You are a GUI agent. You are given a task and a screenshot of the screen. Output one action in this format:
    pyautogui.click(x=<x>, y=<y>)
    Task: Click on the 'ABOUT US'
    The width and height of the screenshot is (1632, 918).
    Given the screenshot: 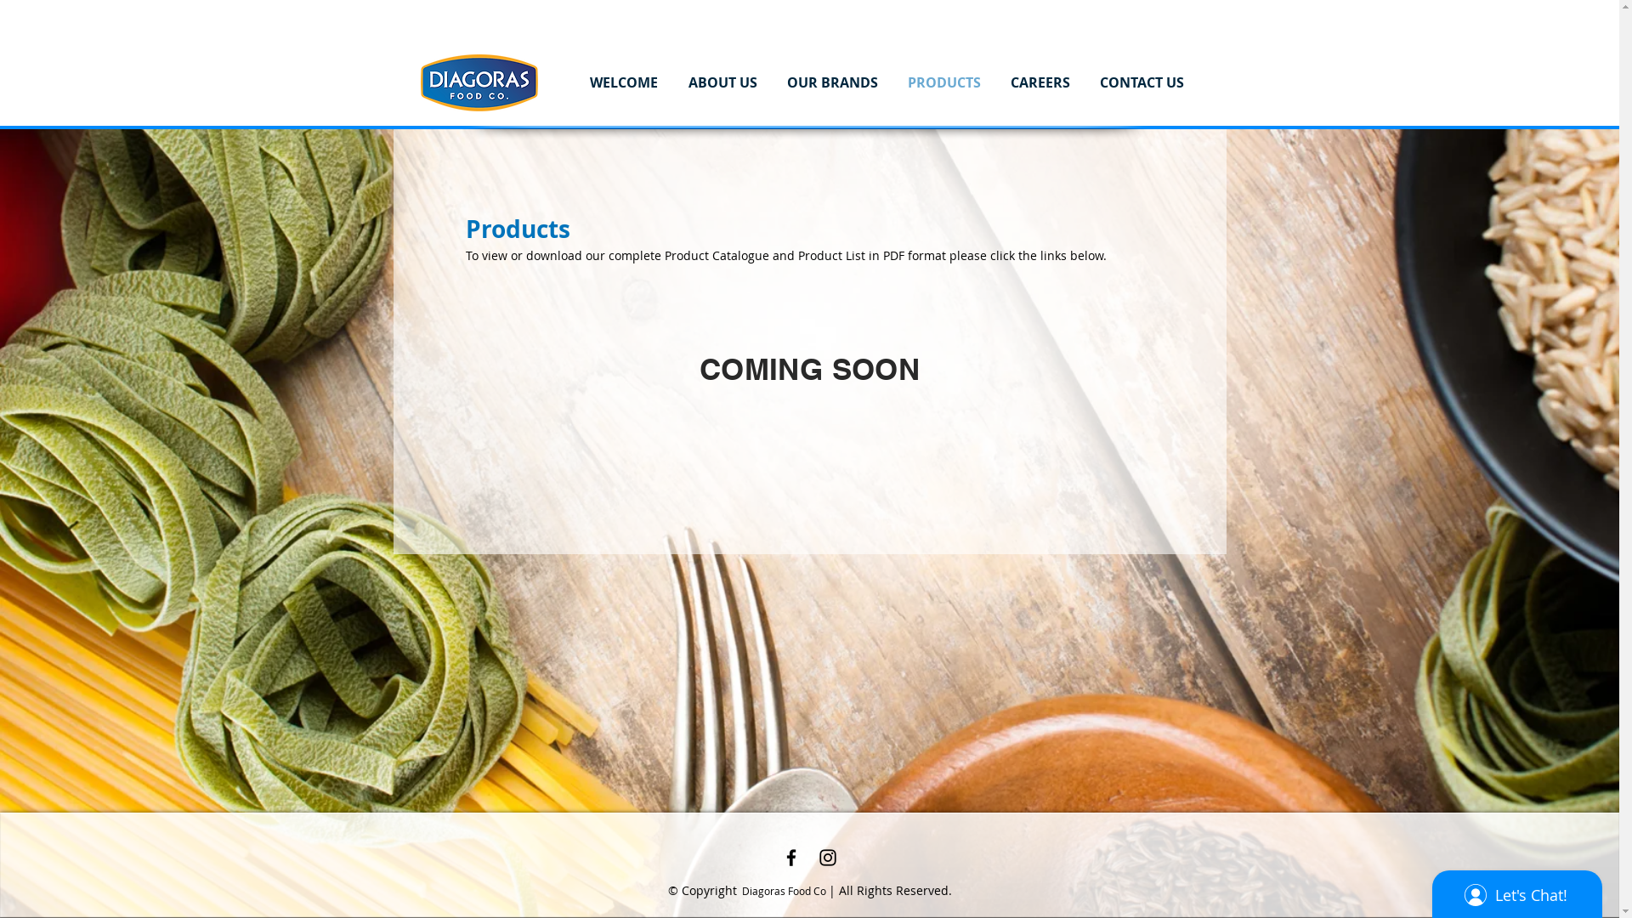 What is the action you would take?
    pyautogui.click(x=722, y=82)
    